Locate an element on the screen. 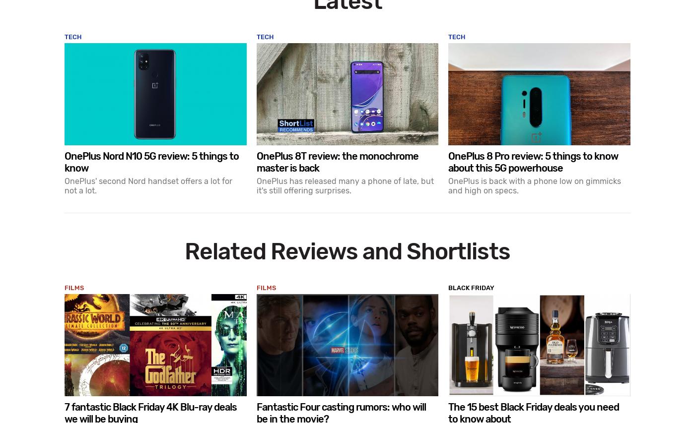 This screenshot has width=695, height=423. 'OnePlus Nord N10 5G review: 5 things to know' is located at coordinates (65, 162).